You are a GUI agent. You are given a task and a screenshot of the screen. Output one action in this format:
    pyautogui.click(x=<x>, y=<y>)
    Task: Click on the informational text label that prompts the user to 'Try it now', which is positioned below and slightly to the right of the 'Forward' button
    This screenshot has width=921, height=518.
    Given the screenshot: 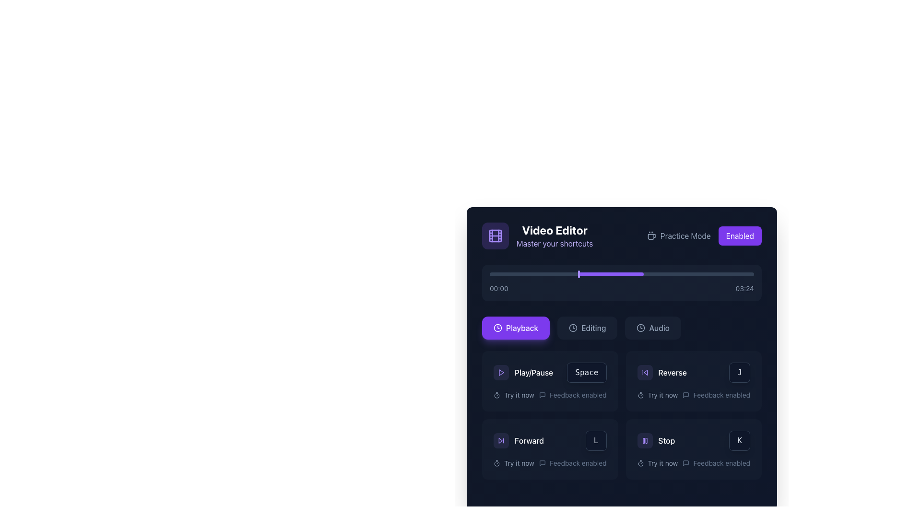 What is the action you would take?
    pyautogui.click(x=519, y=462)
    